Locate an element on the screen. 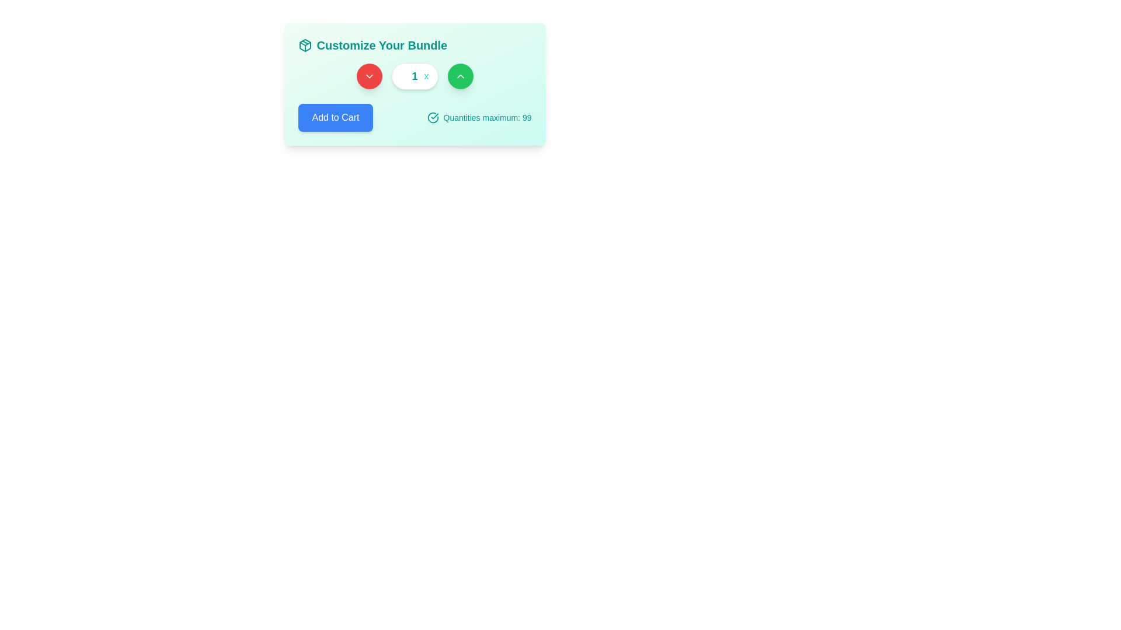  the blue rectangular button labeled 'Add to Cart' to possibly reveal additional details or a tooltip is located at coordinates (335, 117).